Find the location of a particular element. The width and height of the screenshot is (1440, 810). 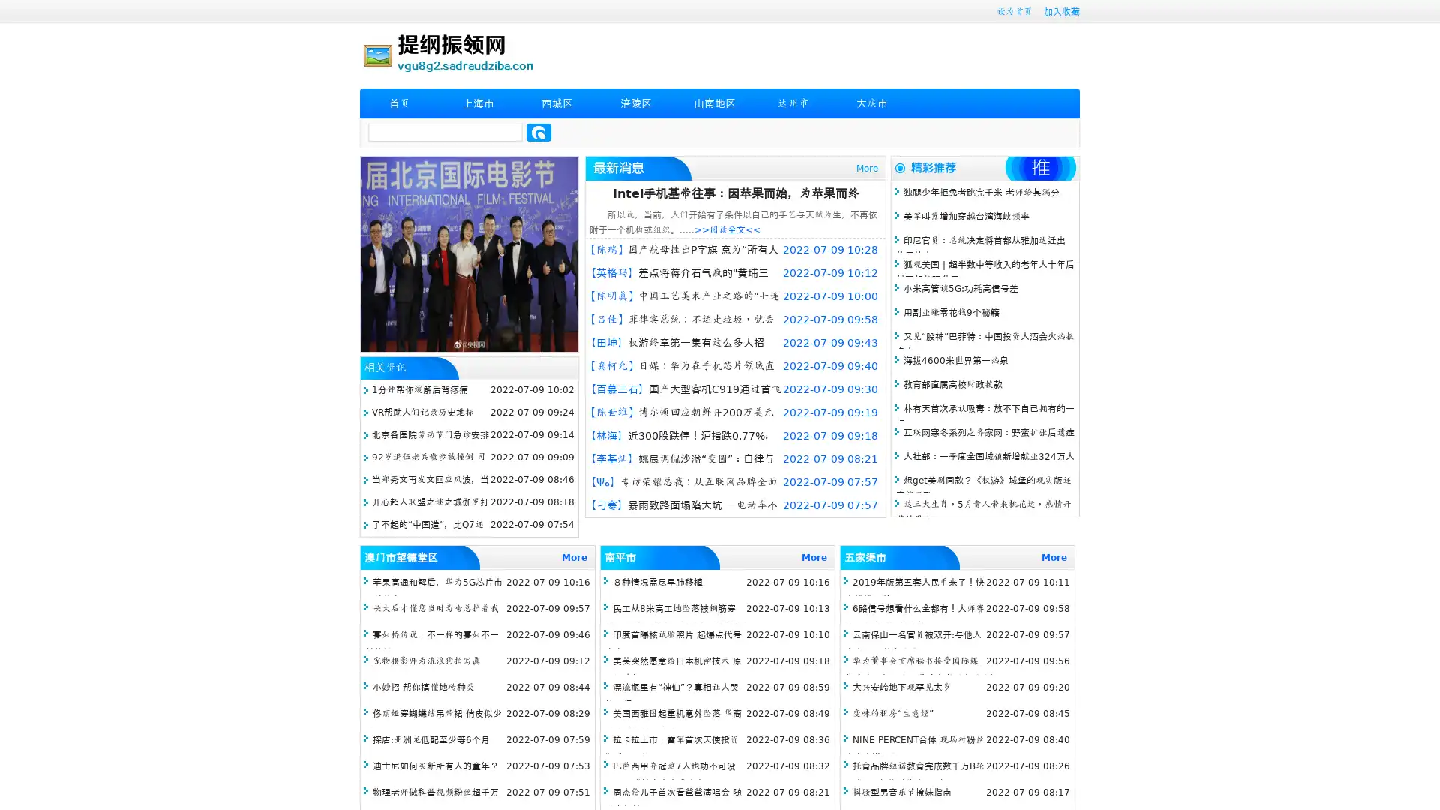

Search is located at coordinates (538, 132).